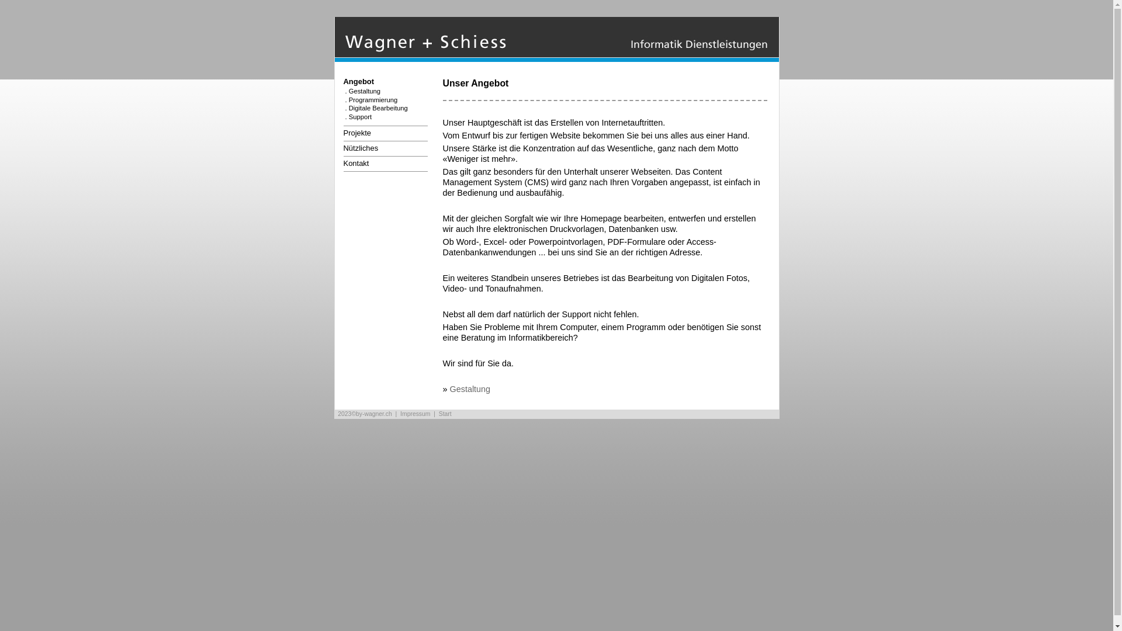 This screenshot has width=1122, height=631. Describe the element at coordinates (470, 389) in the screenshot. I see `'Gestaltung'` at that location.